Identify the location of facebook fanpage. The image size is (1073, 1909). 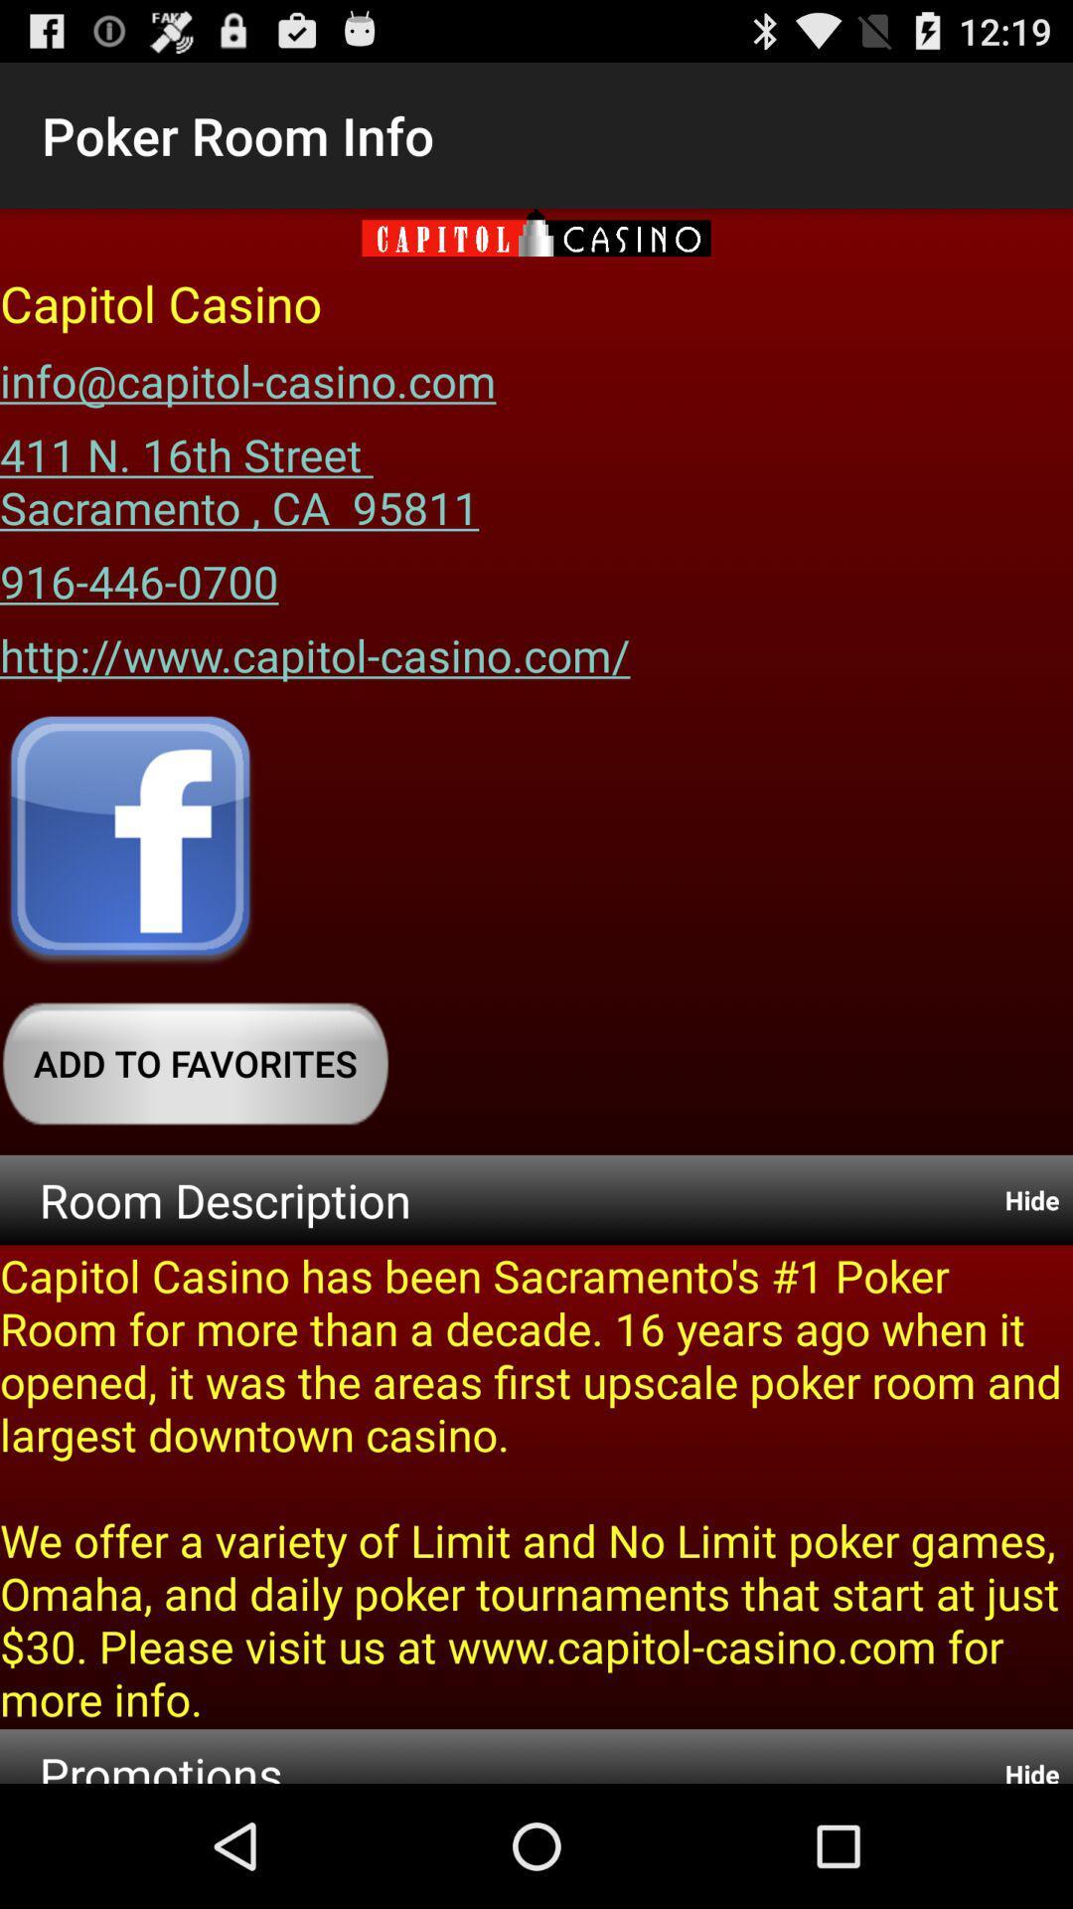
(130, 841).